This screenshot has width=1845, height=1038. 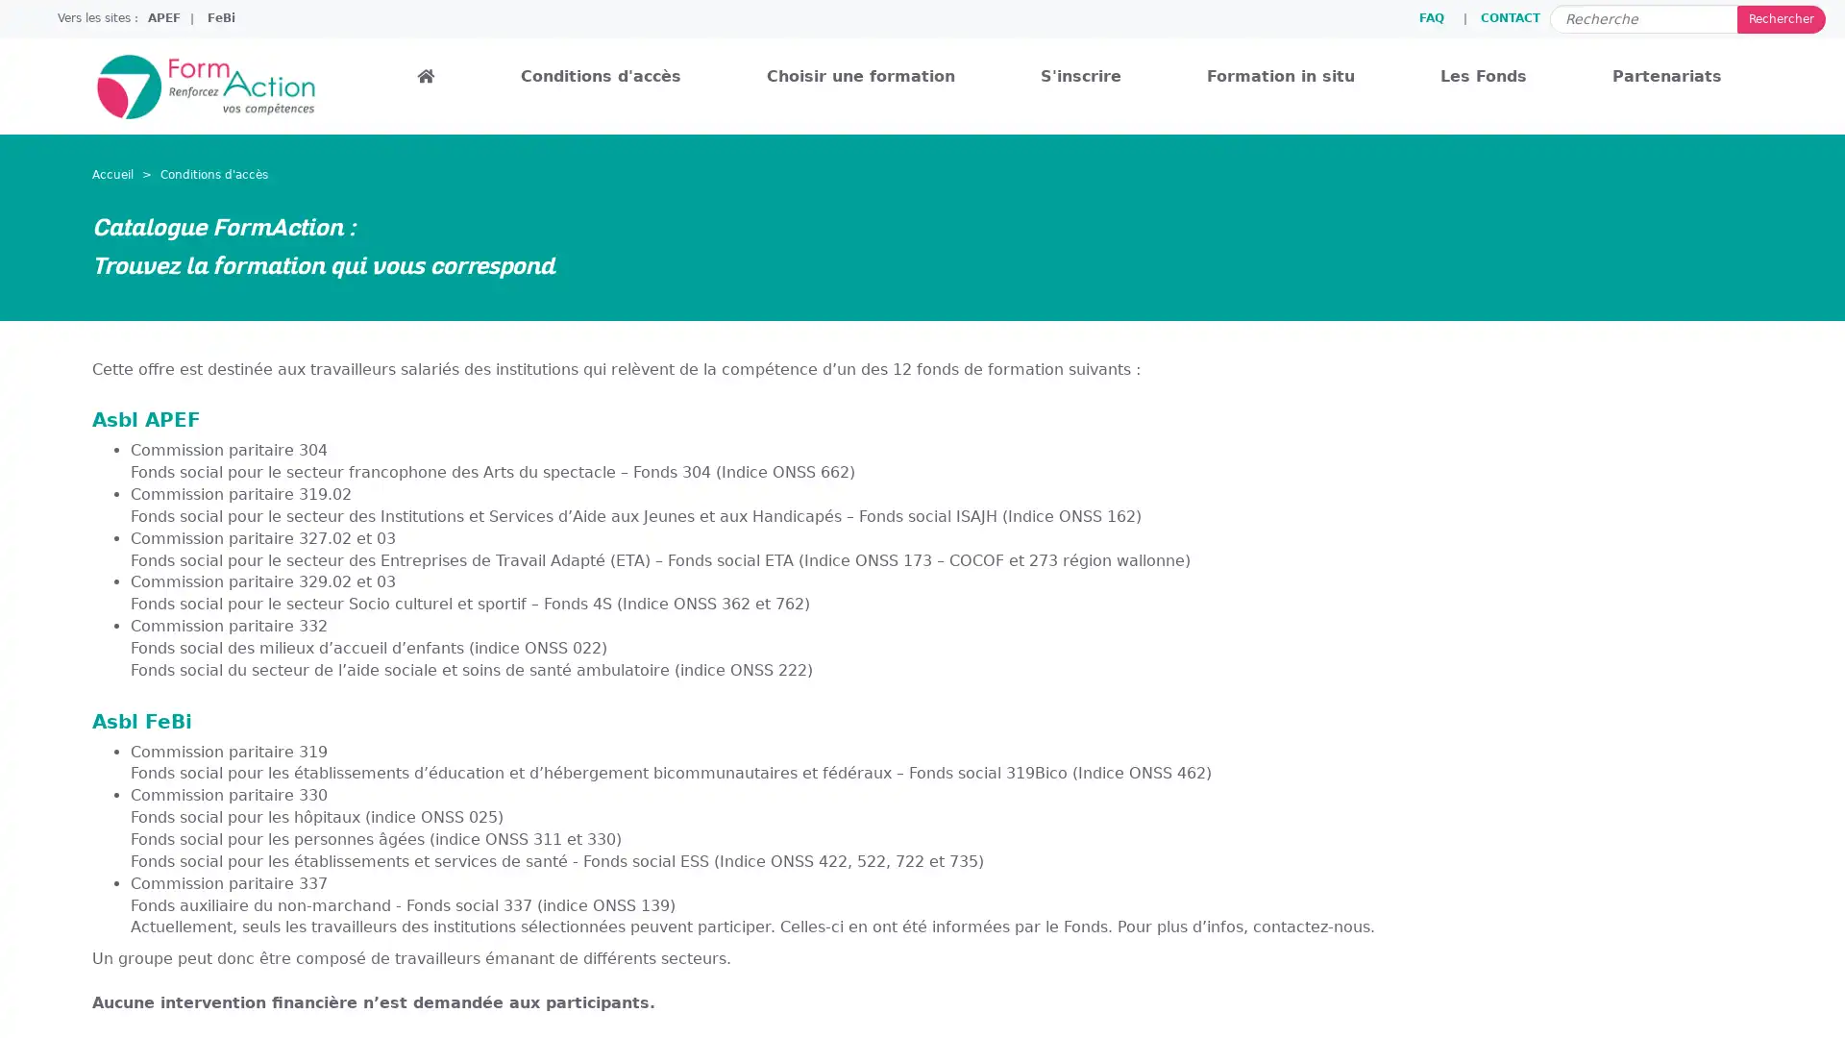 What do you see at coordinates (1780, 18) in the screenshot?
I see `Rechercher` at bounding box center [1780, 18].